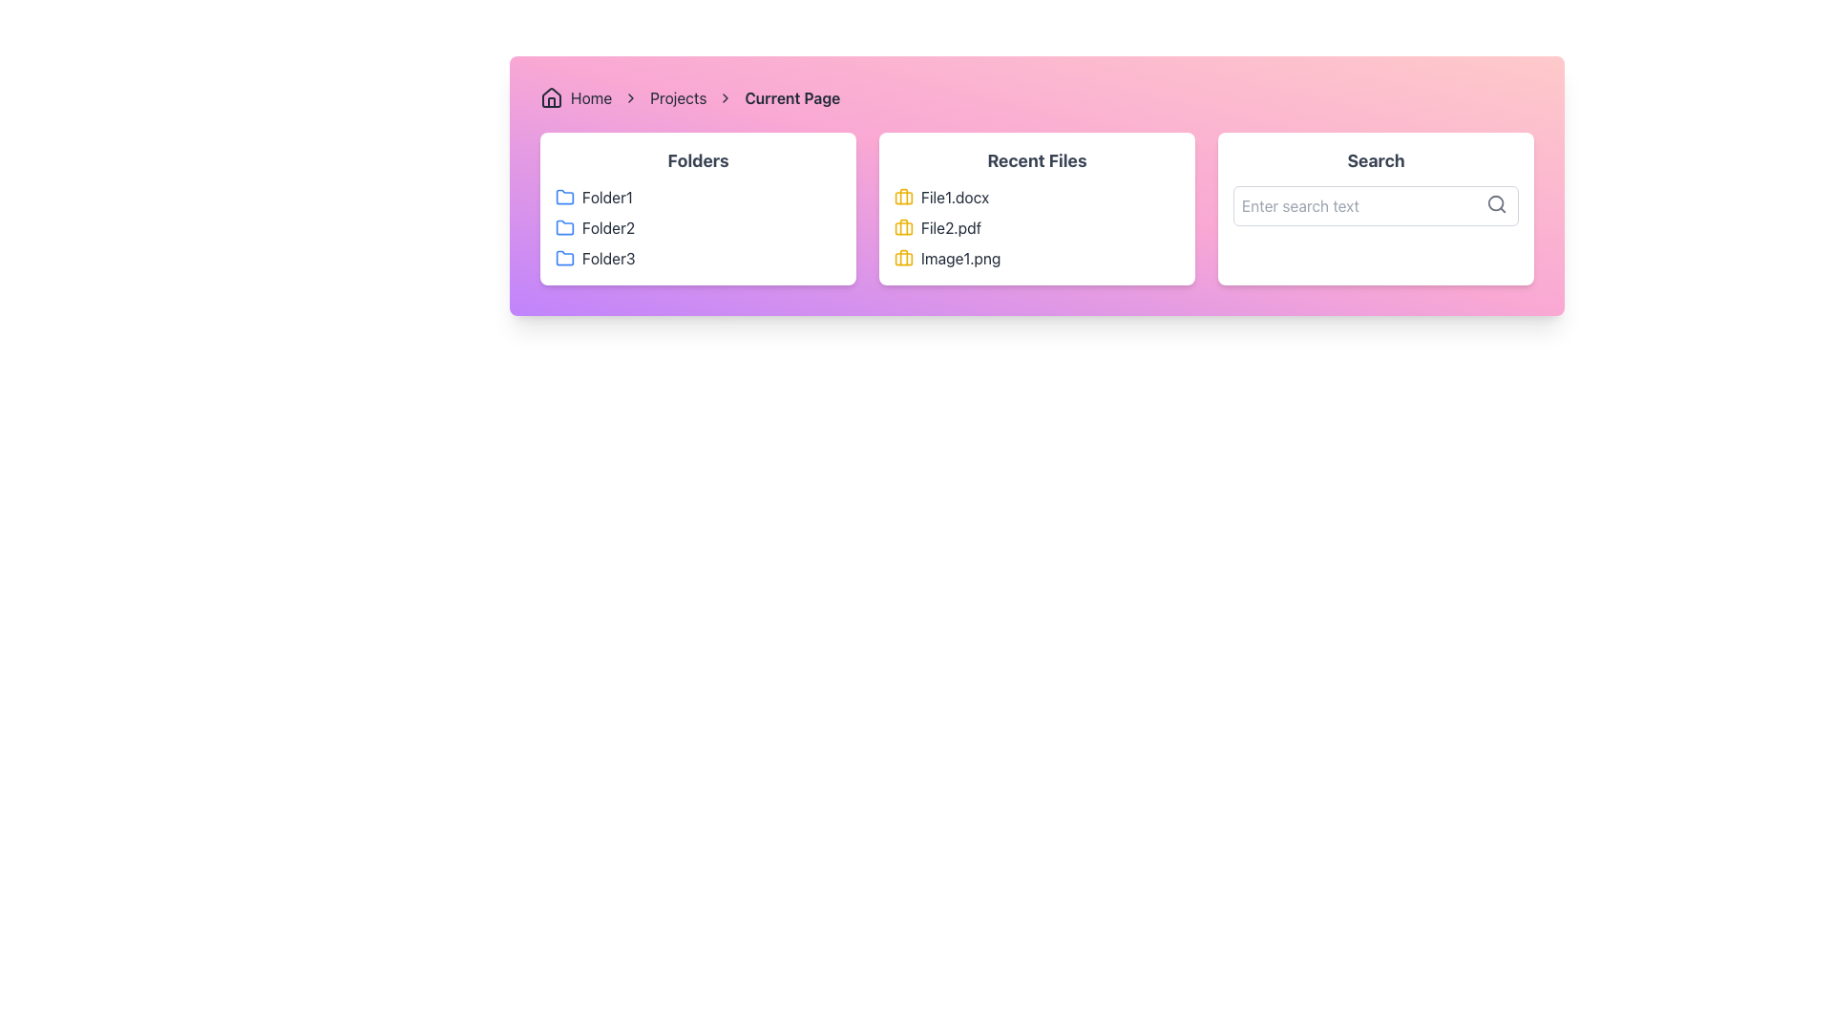 The image size is (1833, 1031). What do you see at coordinates (1036, 160) in the screenshot?
I see `the 'Recent Files' text header, which is displayed in bold gray font` at bounding box center [1036, 160].